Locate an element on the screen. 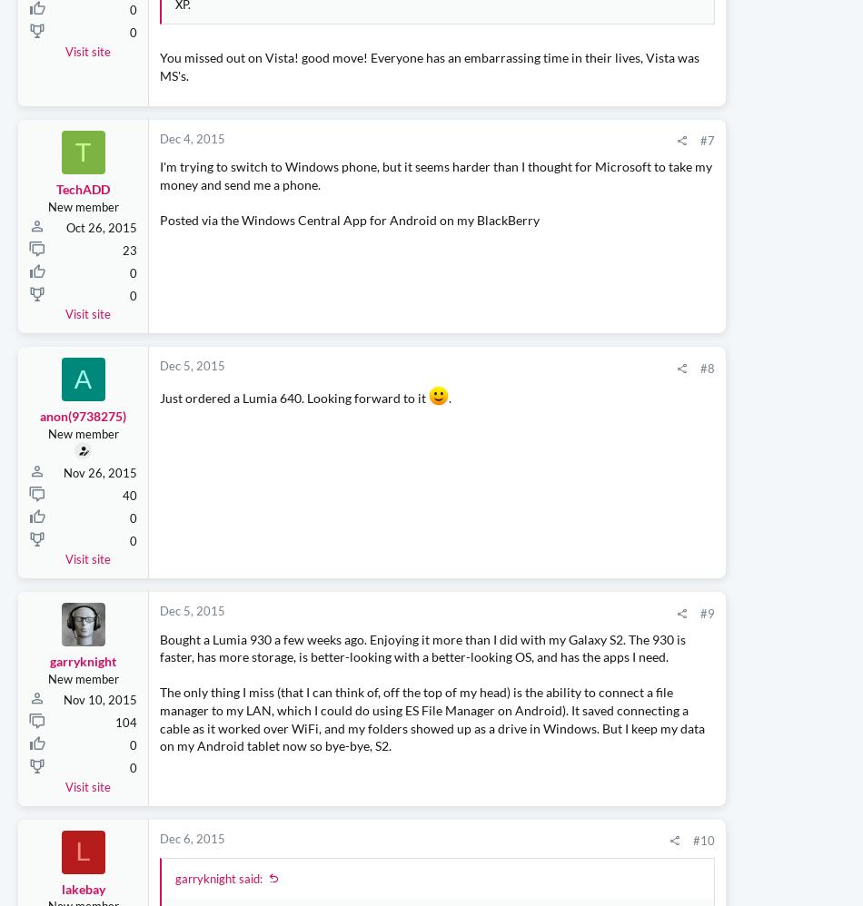 The image size is (863, 906). '2,239,238' is located at coordinates (815, 50).